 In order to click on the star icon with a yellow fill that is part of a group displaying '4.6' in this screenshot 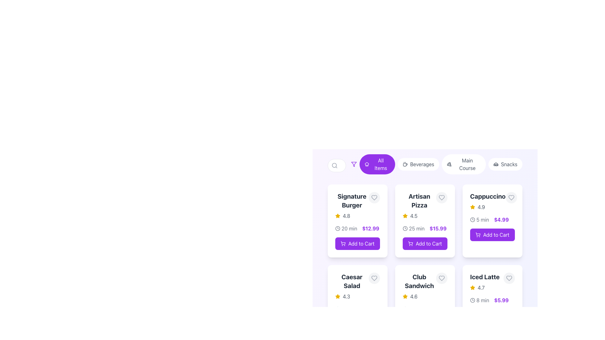, I will do `click(405, 296)`.